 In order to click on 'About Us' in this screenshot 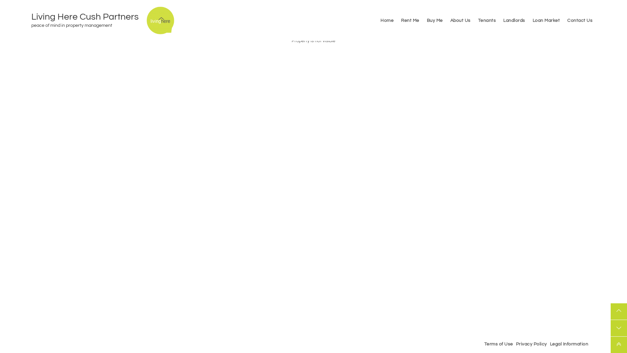, I will do `click(460, 20)`.